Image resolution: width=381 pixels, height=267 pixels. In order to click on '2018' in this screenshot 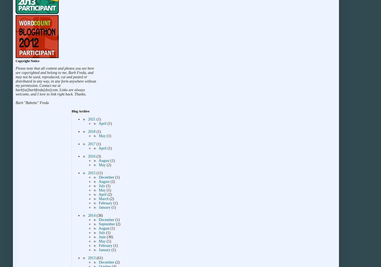, I will do `click(92, 131)`.